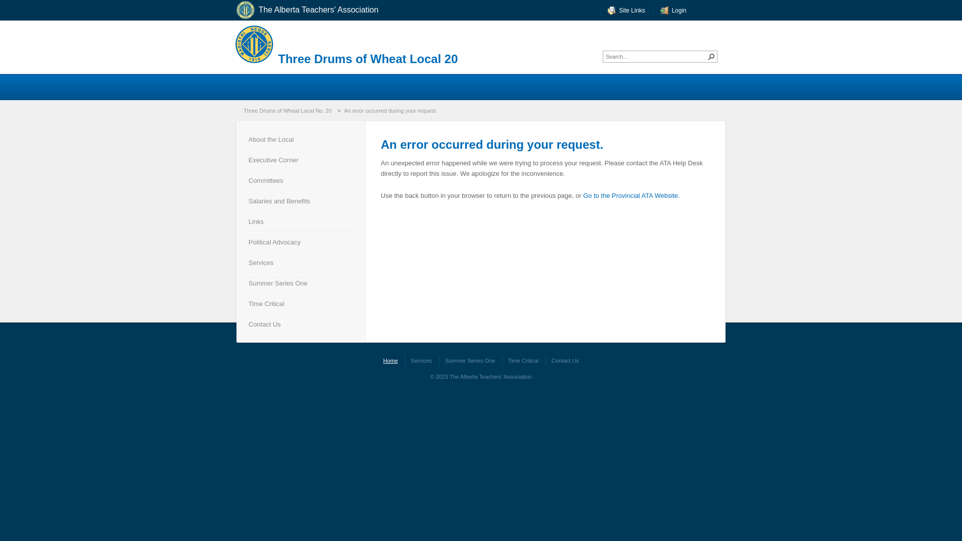  I want to click on 'Salaries and Benefits', so click(300, 200).